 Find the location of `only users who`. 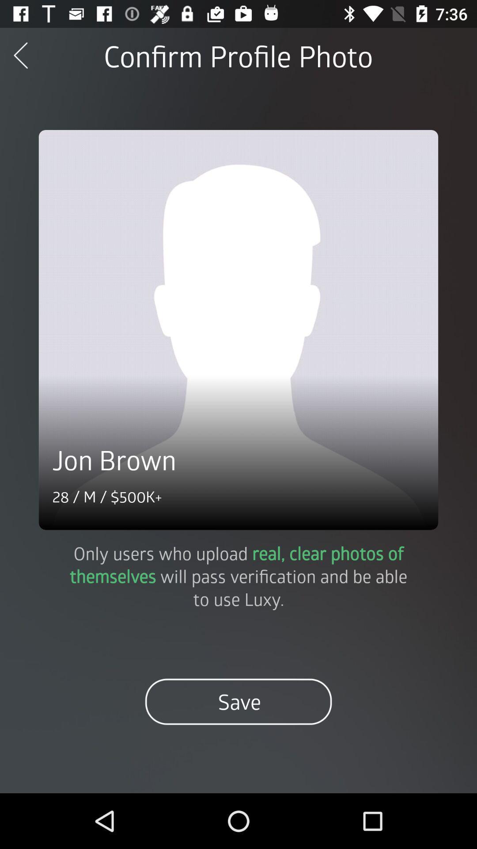

only users who is located at coordinates (238, 576).